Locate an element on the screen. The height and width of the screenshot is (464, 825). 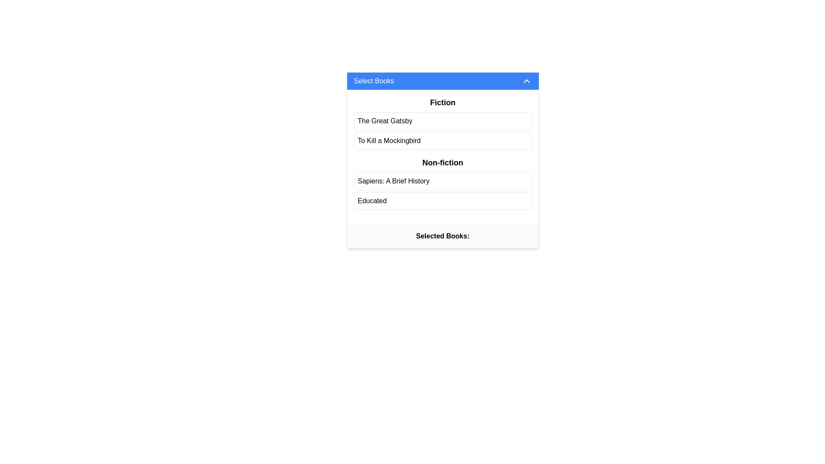
the selectable list item for the book 'Educated' located in the lower portion of the 'Non-fiction' section is located at coordinates (443, 201).